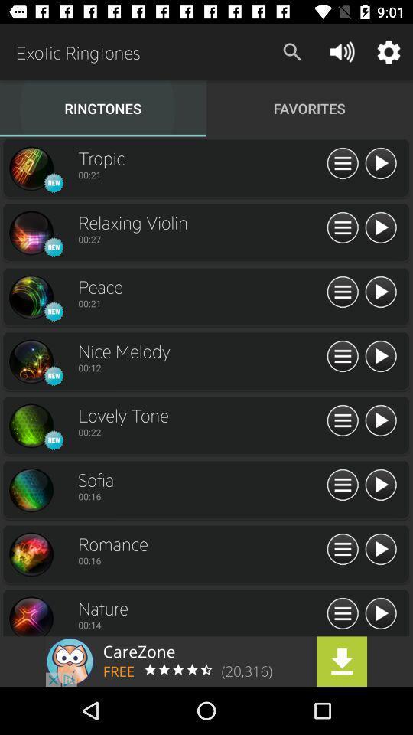 The height and width of the screenshot is (735, 413). I want to click on play on the track, so click(379, 227).